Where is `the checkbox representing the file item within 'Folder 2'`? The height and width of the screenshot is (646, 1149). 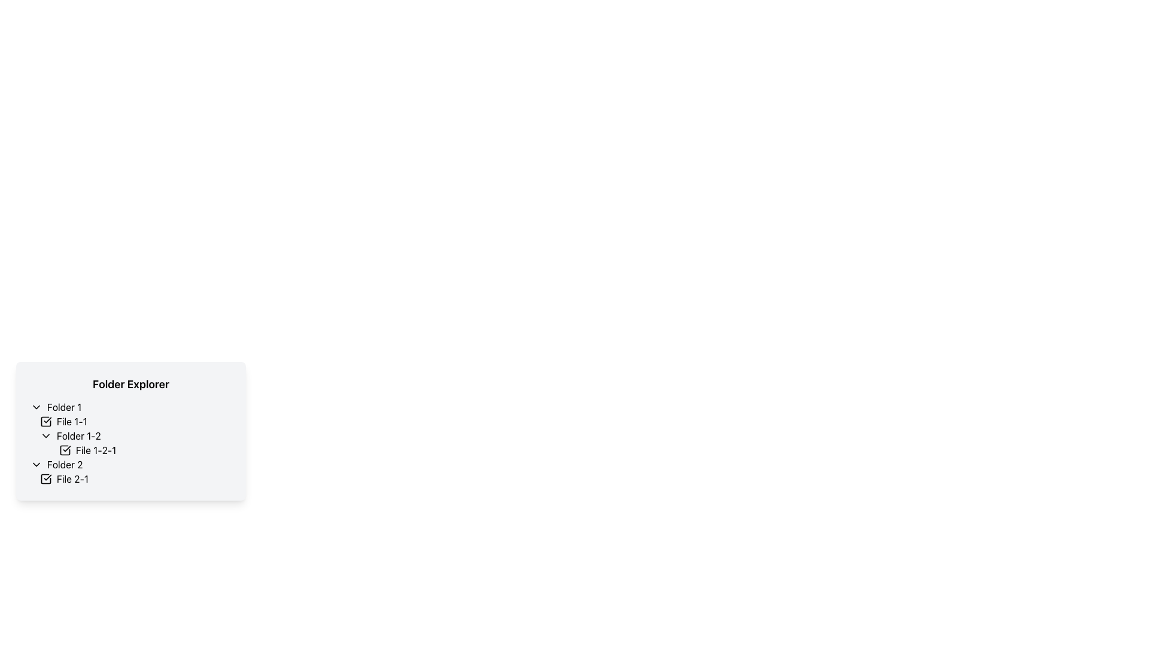 the checkbox representing the file item within 'Folder 2' is located at coordinates (135, 479).